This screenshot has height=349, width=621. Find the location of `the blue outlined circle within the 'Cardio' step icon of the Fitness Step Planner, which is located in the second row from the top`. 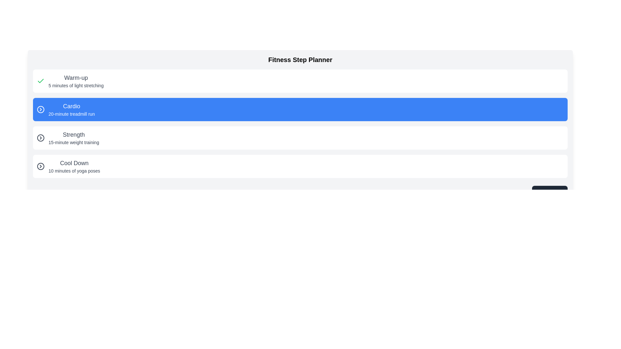

the blue outlined circle within the 'Cardio' step icon of the Fitness Step Planner, which is located in the second row from the top is located at coordinates (40, 109).